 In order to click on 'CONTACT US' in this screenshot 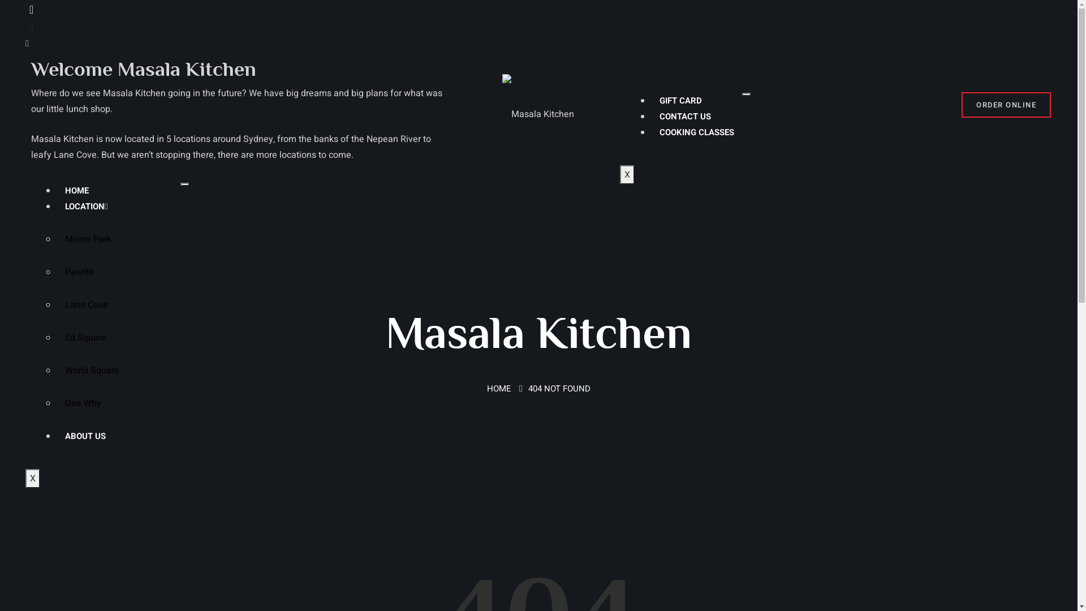, I will do `click(684, 116)`.